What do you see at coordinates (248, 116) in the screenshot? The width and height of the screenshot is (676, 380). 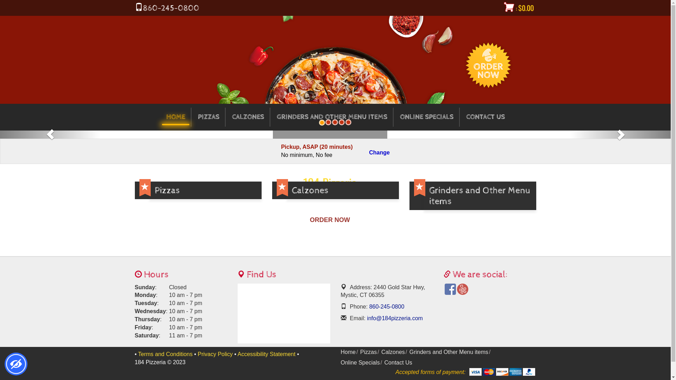 I see `'CALZONES'` at bounding box center [248, 116].